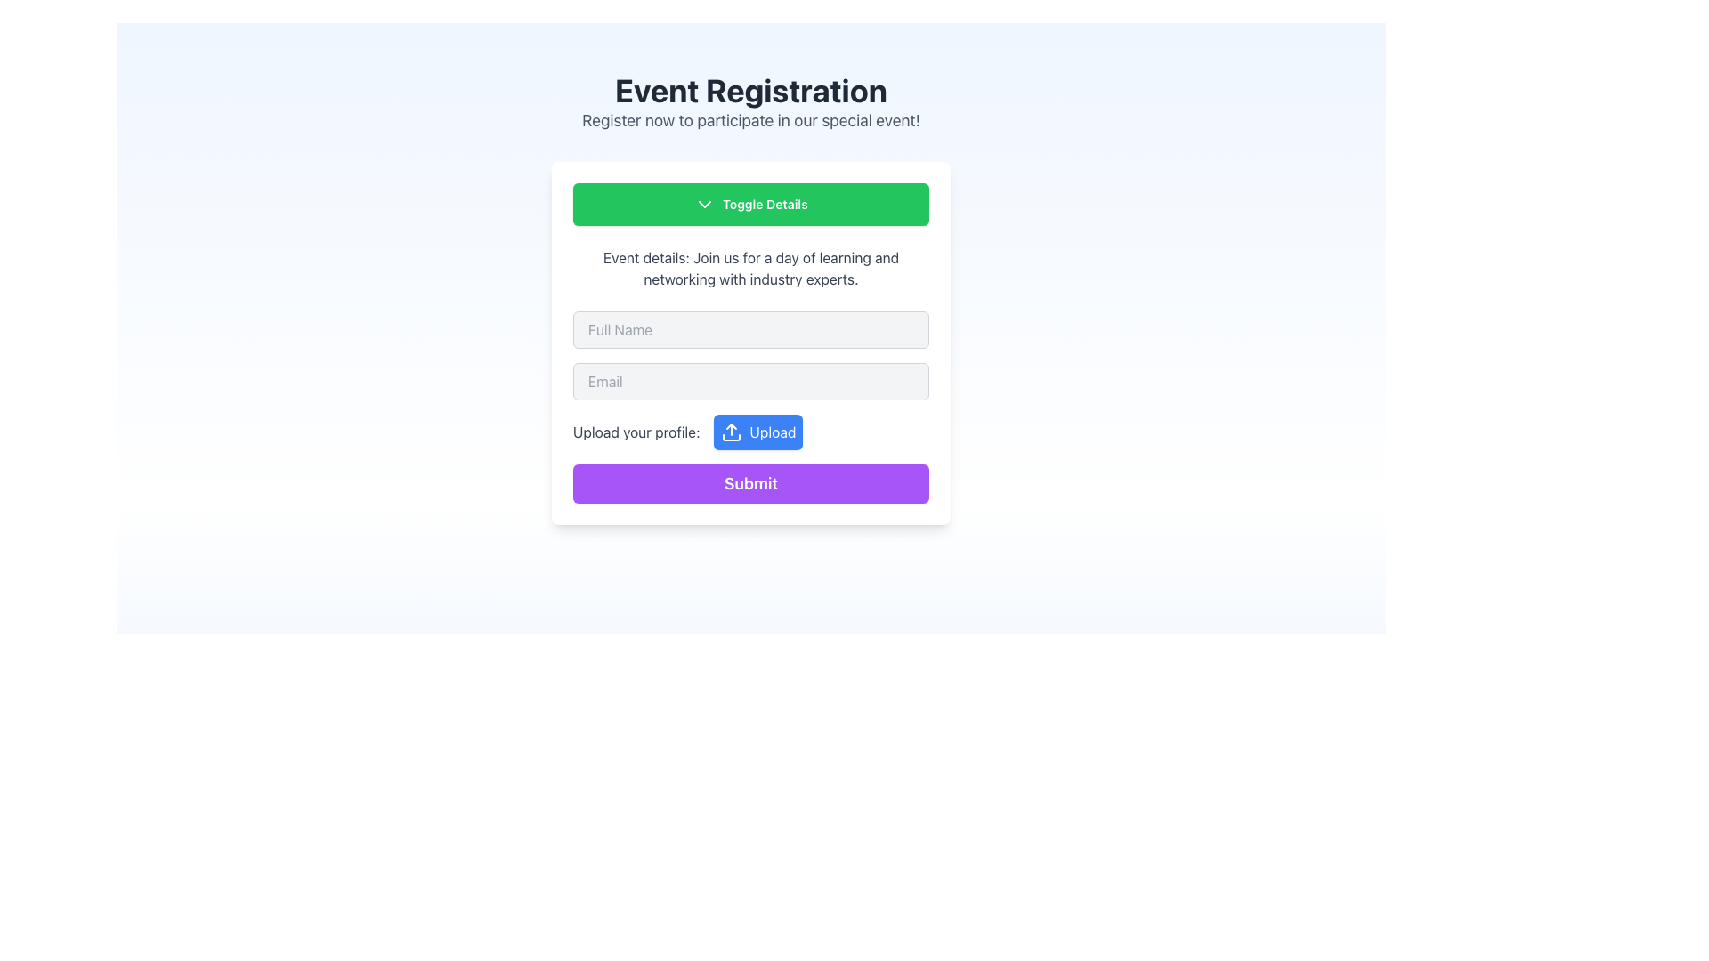 The width and height of the screenshot is (1709, 961). Describe the element at coordinates (751, 483) in the screenshot. I see `the 'Submit' button located at the bottom of the form` at that location.